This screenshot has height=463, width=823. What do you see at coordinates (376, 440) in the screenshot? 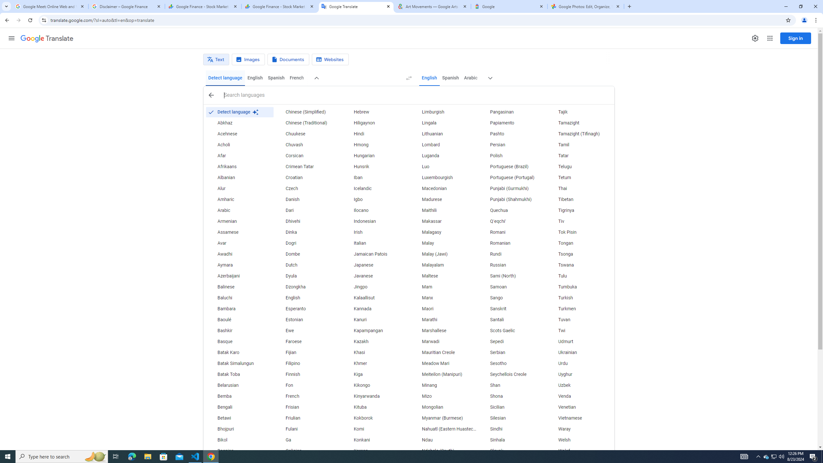
I see `'Konkani'` at bounding box center [376, 440].